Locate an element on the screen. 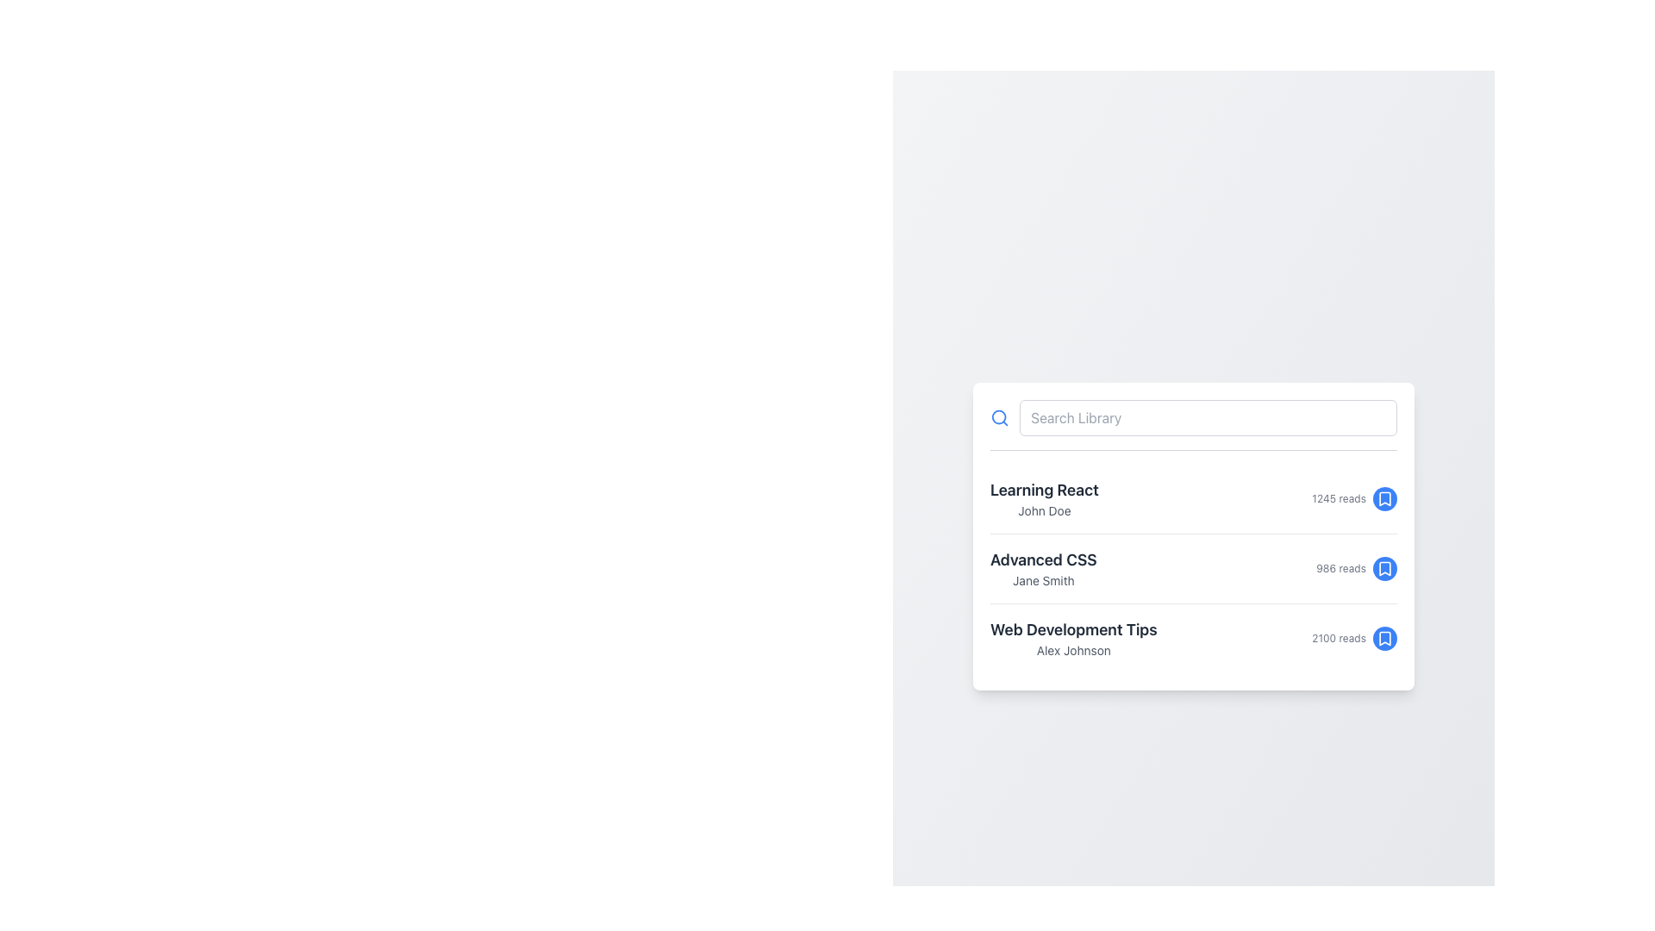 This screenshot has height=931, width=1655. the bookmark-shaped icon button with a blue background and white outline located to the far right of the 'Learning React' list item is located at coordinates (1385, 498).